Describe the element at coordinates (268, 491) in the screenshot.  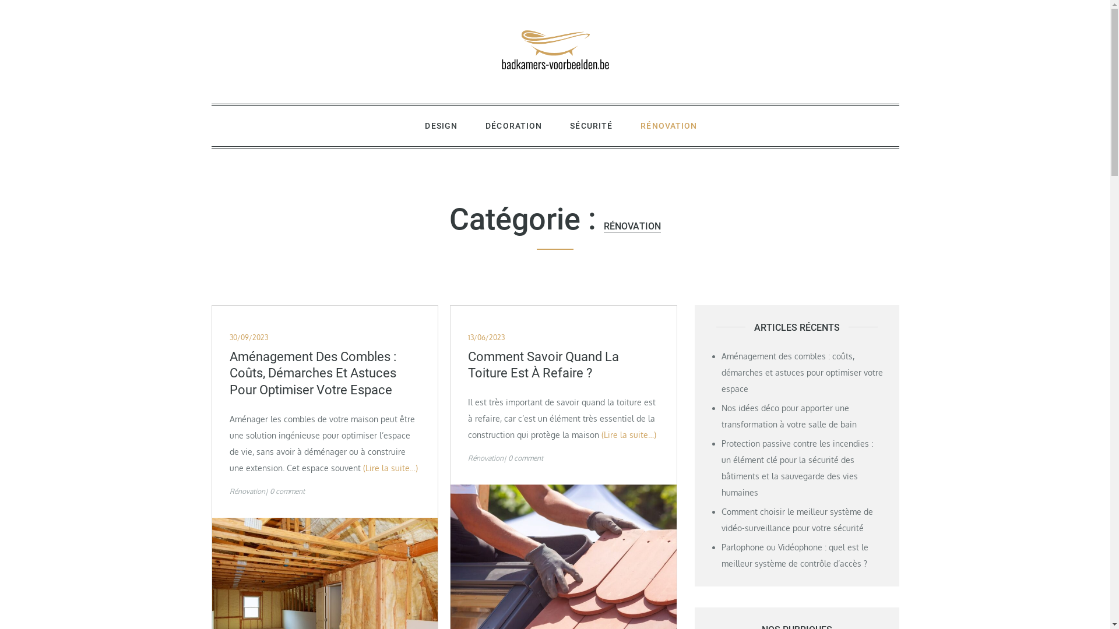
I see `'0 comment'` at that location.